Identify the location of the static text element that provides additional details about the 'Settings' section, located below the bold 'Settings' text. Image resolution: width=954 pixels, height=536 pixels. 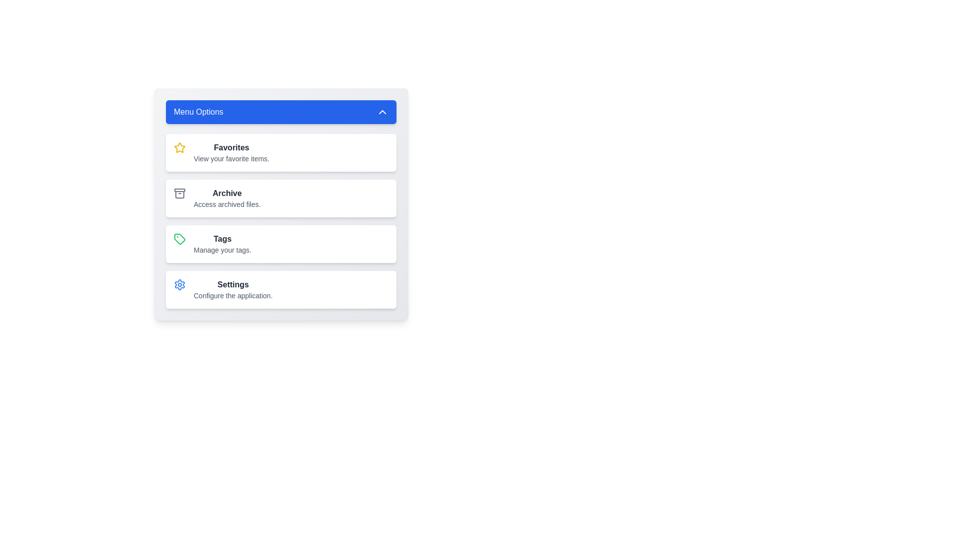
(233, 295).